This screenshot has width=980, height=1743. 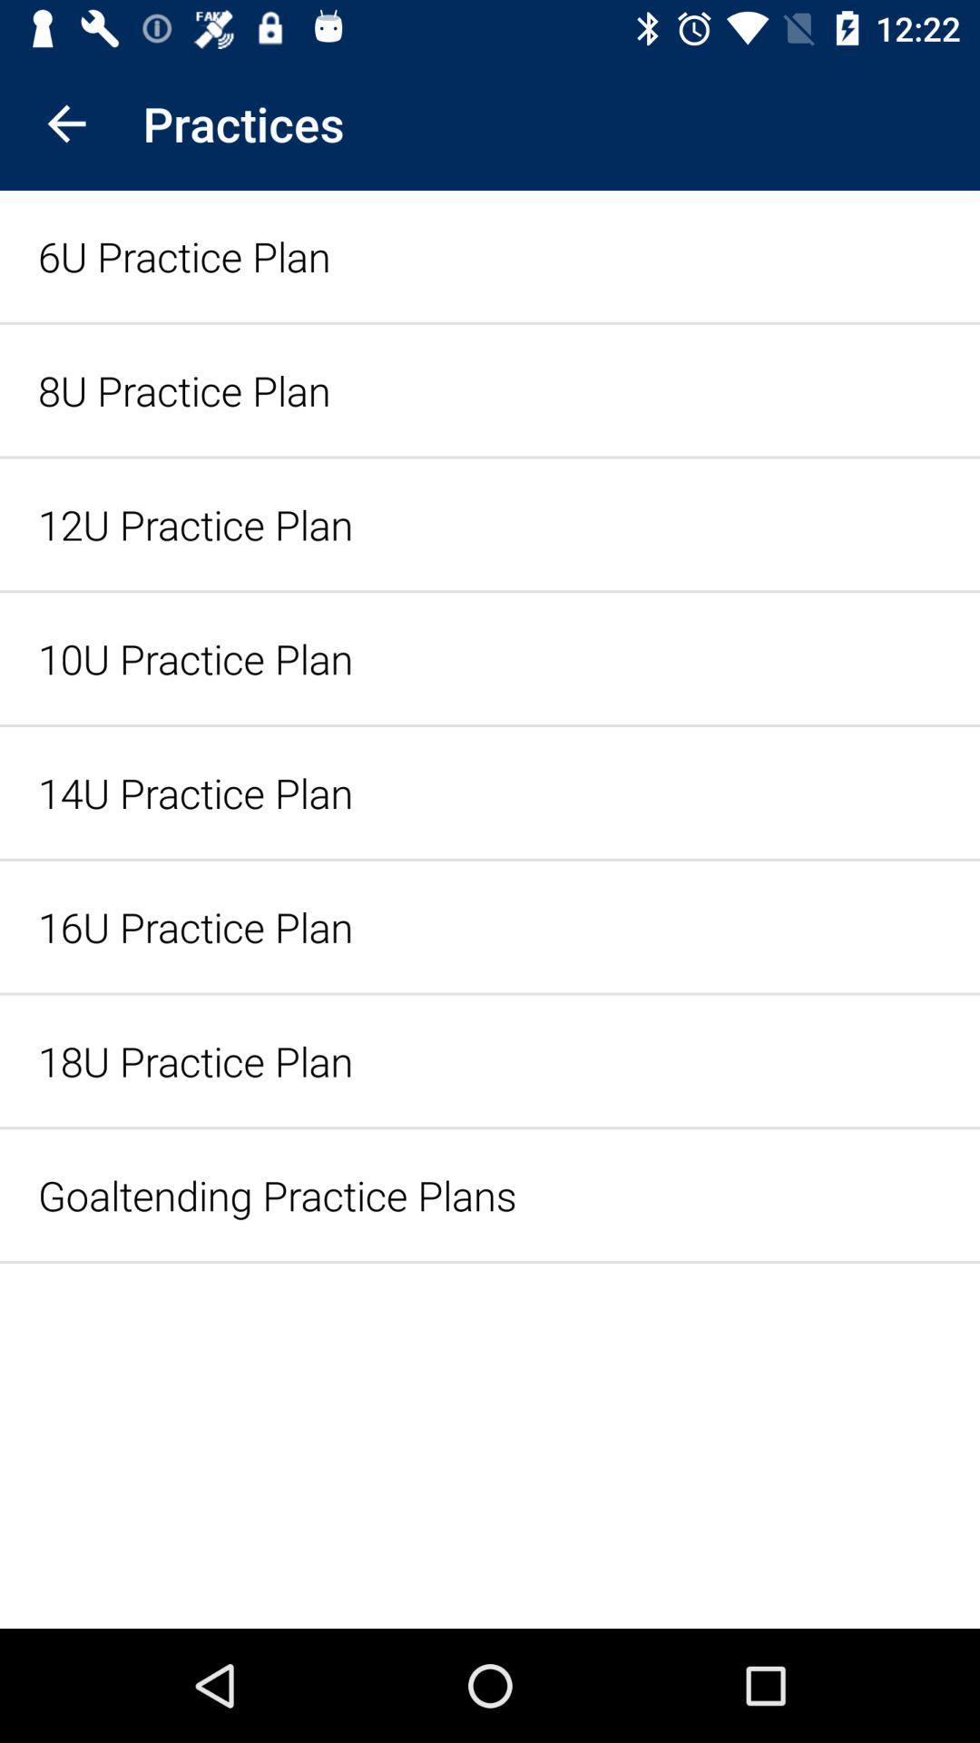 I want to click on icon to the left of the practices item, so click(x=65, y=123).